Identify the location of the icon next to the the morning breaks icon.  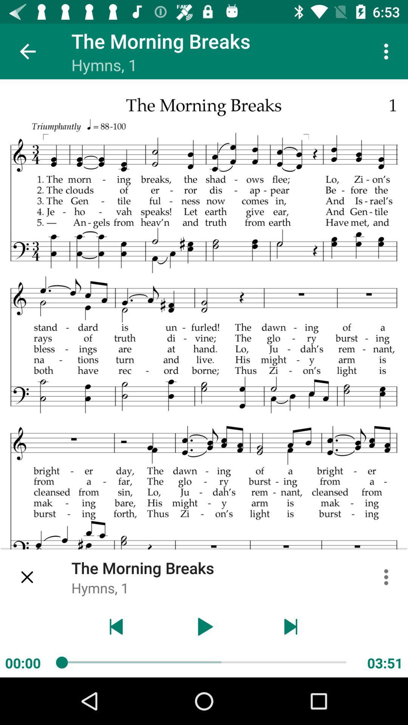
(27, 577).